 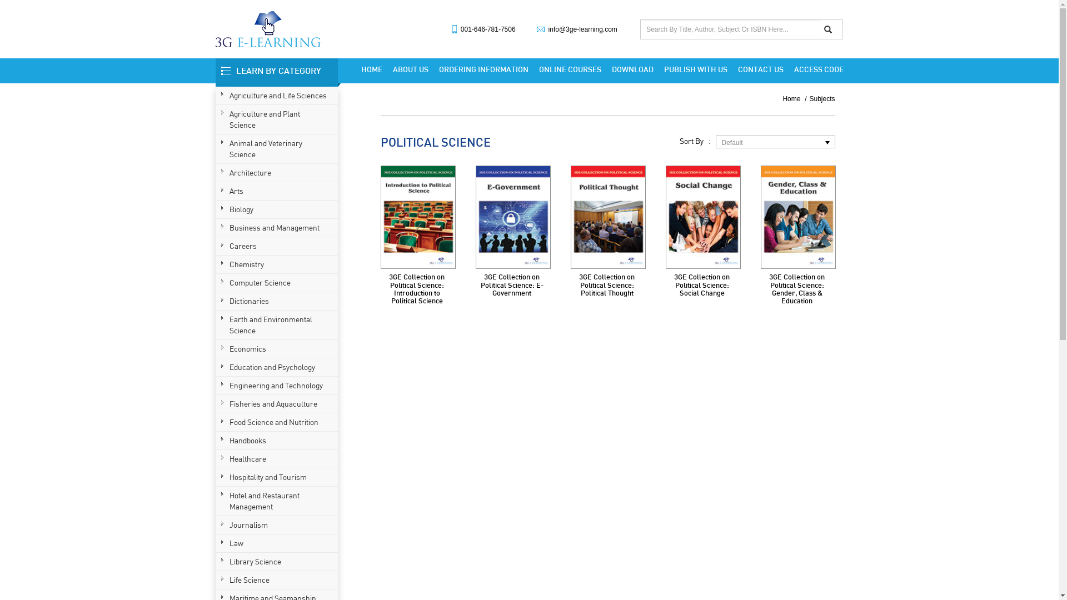 I want to click on 'Computer Science', so click(x=277, y=282).